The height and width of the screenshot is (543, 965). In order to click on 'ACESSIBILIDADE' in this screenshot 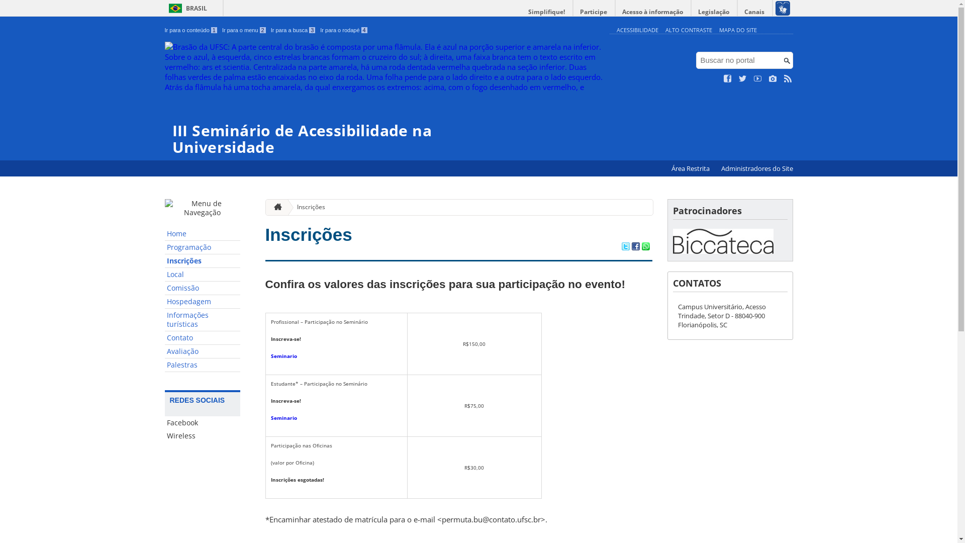, I will do `click(636, 29)`.